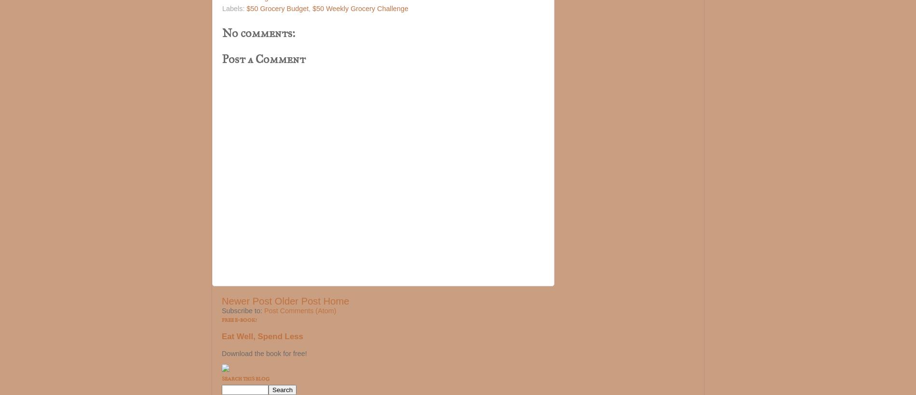 The image size is (916, 395). Describe the element at coordinates (300, 310) in the screenshot. I see `'Post Comments (Atom)'` at that location.